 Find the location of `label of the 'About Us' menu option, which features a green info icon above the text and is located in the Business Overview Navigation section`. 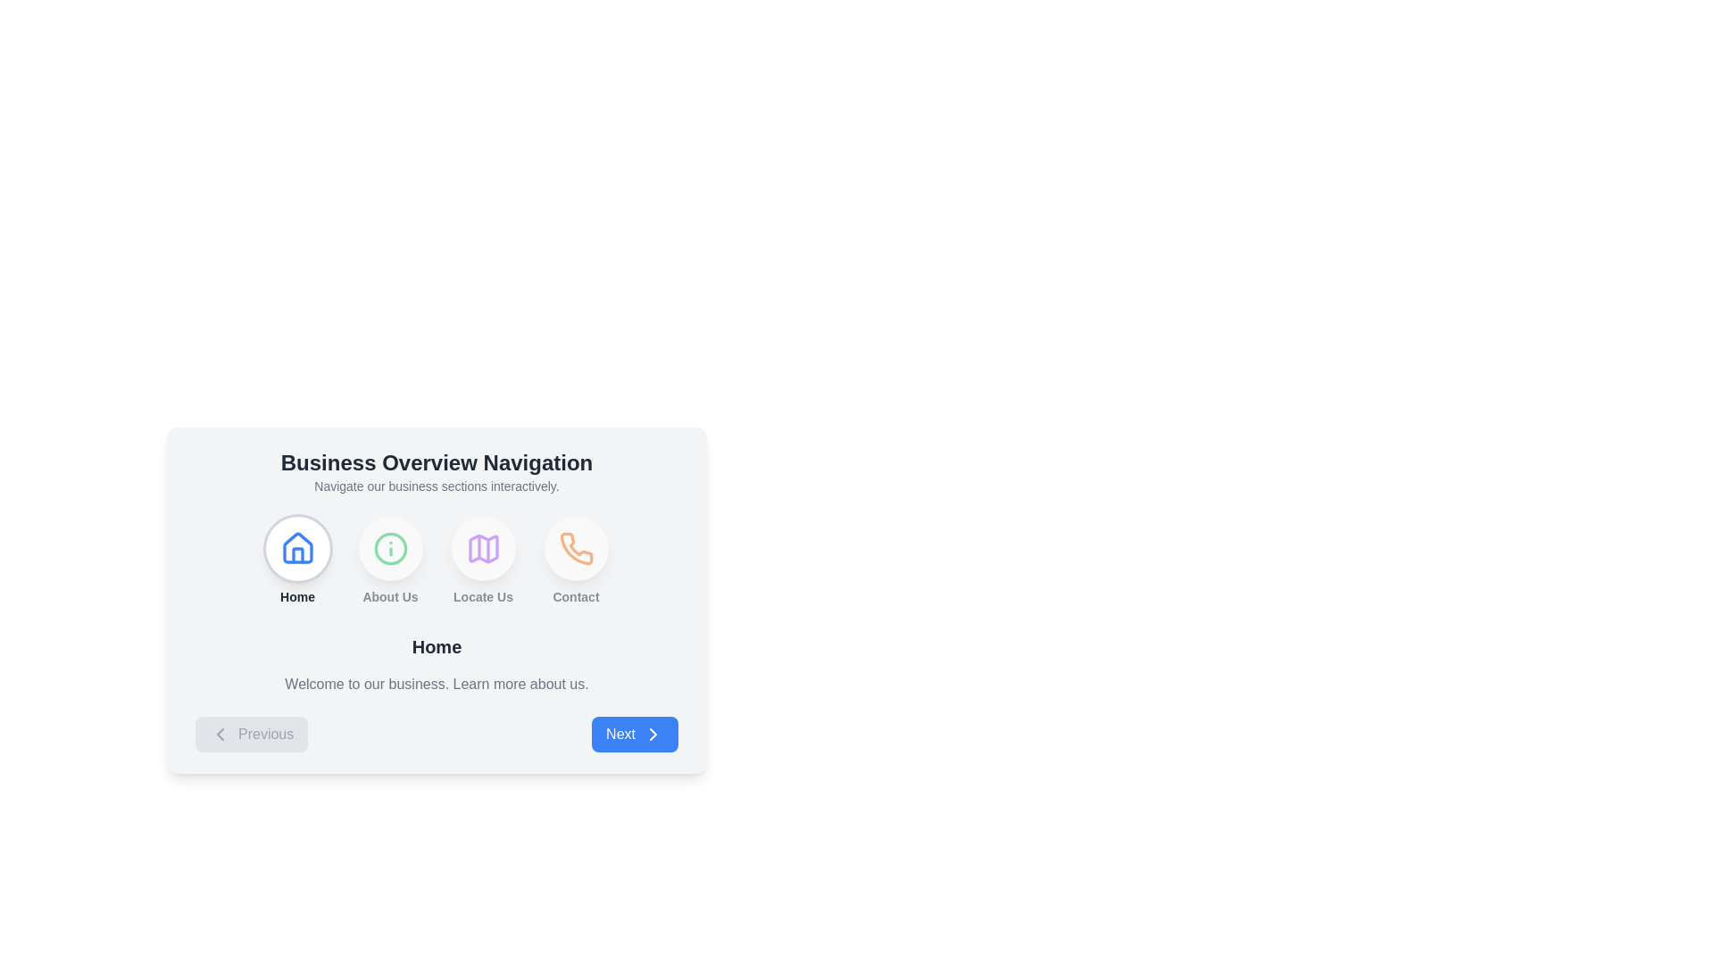

label of the 'About Us' menu option, which features a green info icon above the text and is located in the Business Overview Navigation section is located at coordinates (389, 560).